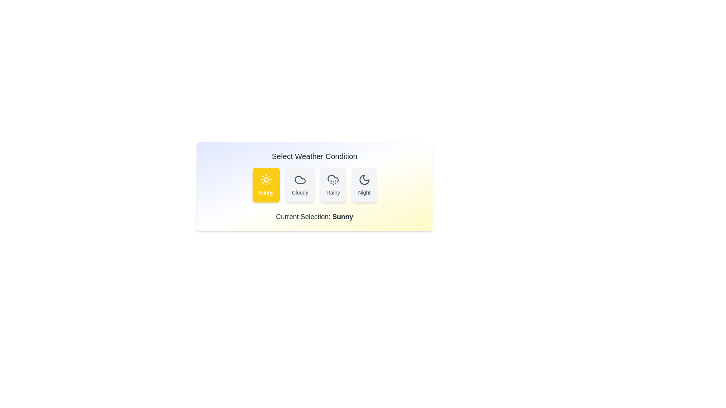 The image size is (726, 408). Describe the element at coordinates (266, 185) in the screenshot. I see `the weather condition by clicking on the corresponding button labeled Sunny` at that location.